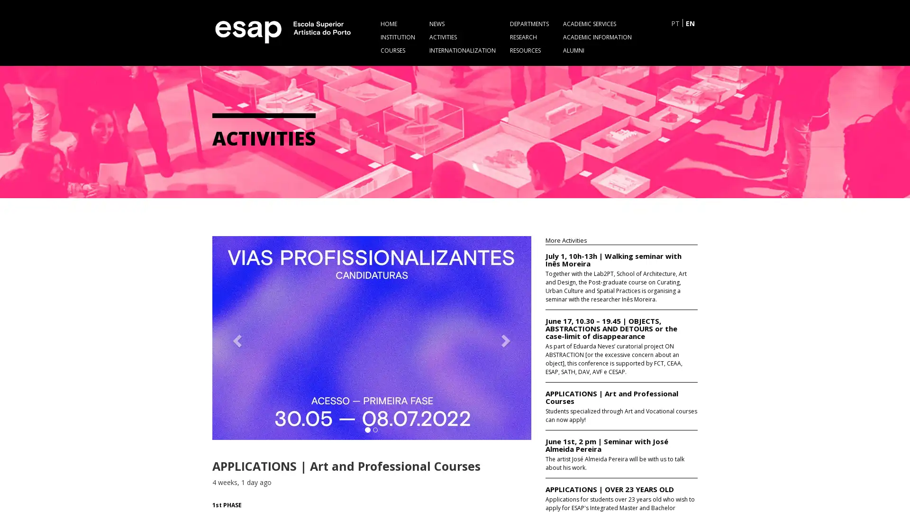 The image size is (910, 512). Describe the element at coordinates (675, 22) in the screenshot. I see `PT` at that location.